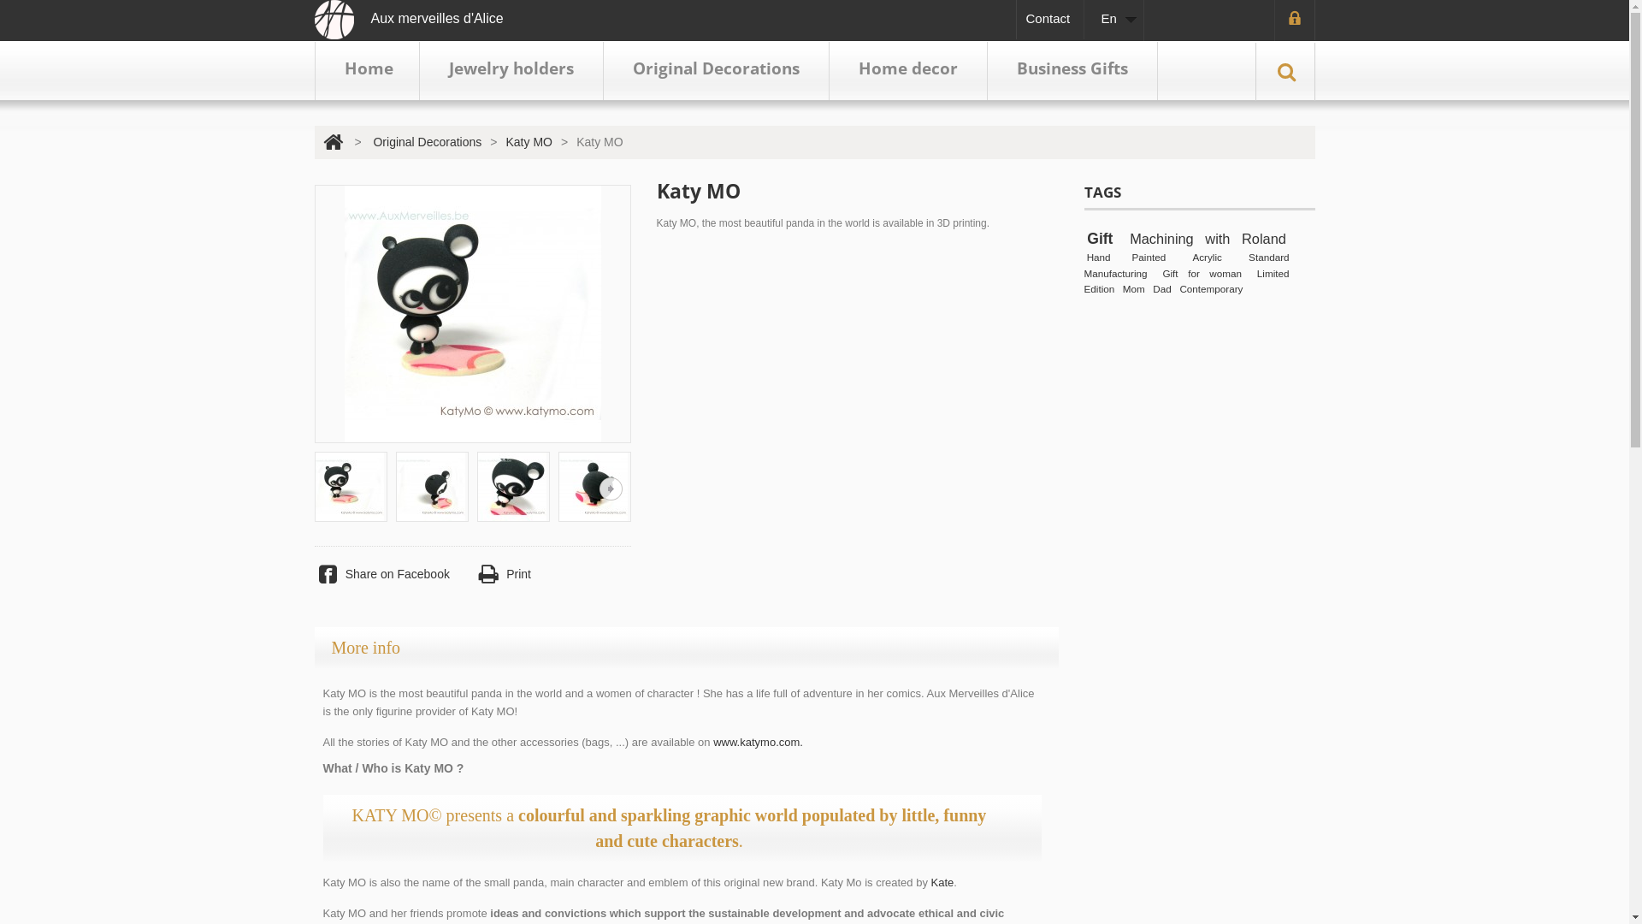  What do you see at coordinates (1206, 258) in the screenshot?
I see `'Acrylic'` at bounding box center [1206, 258].